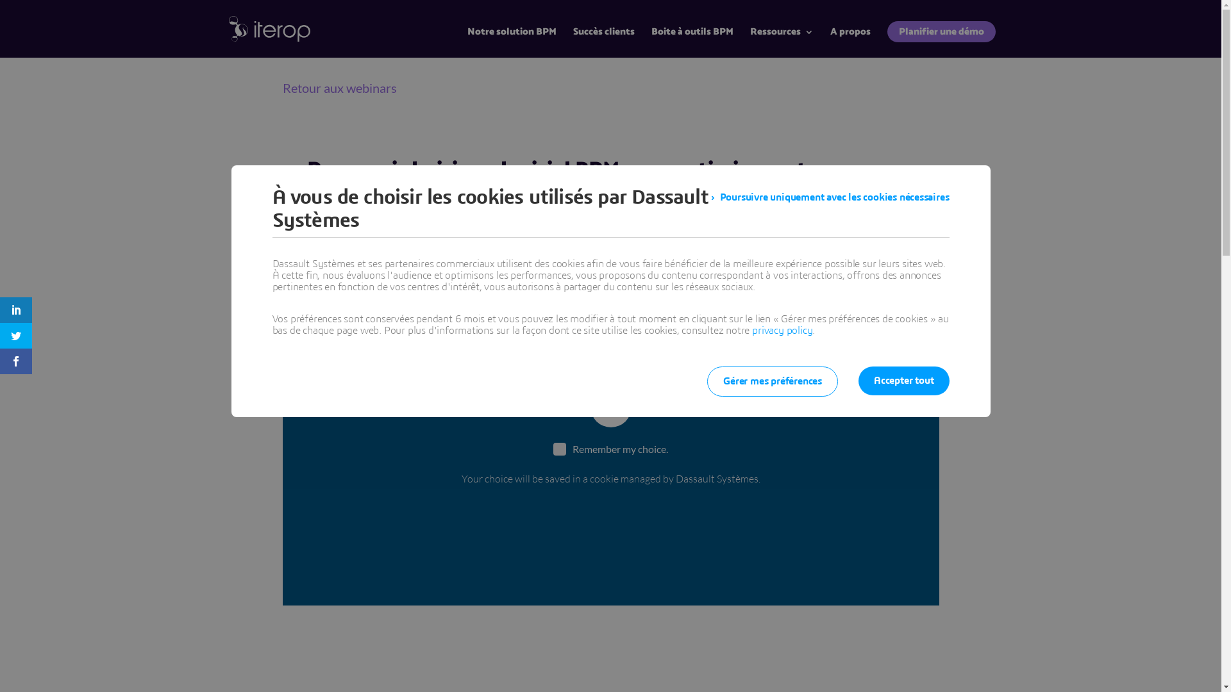 This screenshot has height=692, width=1231. What do you see at coordinates (339, 87) in the screenshot?
I see `'Retour aux webinars'` at bounding box center [339, 87].